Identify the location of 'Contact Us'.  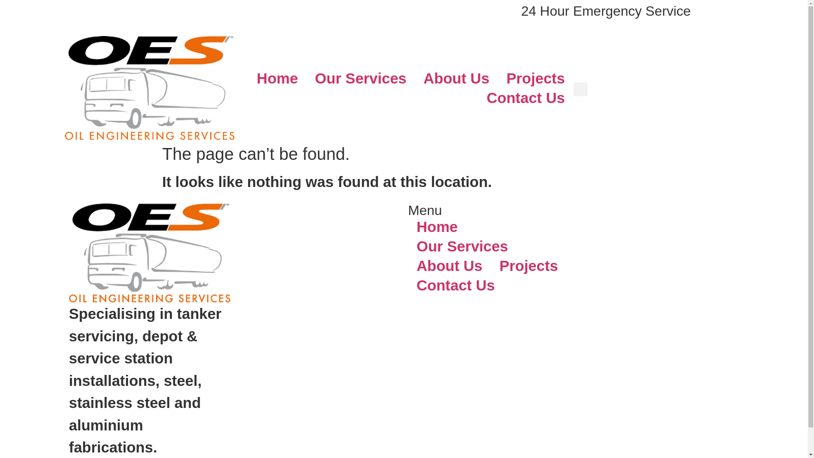
(525, 98).